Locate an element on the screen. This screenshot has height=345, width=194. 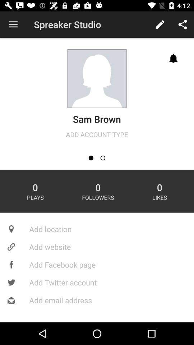
the app to the right of spreaker studio item is located at coordinates (160, 24).